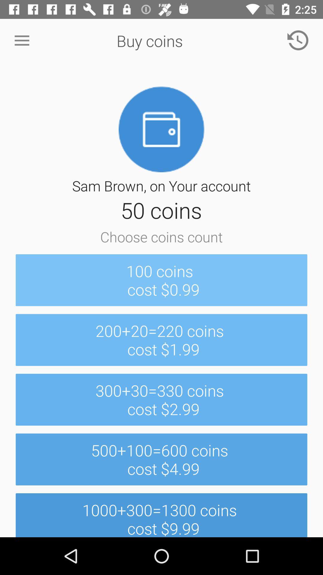 This screenshot has height=575, width=323. I want to click on icon to the left of the buy coins item, so click(22, 40).